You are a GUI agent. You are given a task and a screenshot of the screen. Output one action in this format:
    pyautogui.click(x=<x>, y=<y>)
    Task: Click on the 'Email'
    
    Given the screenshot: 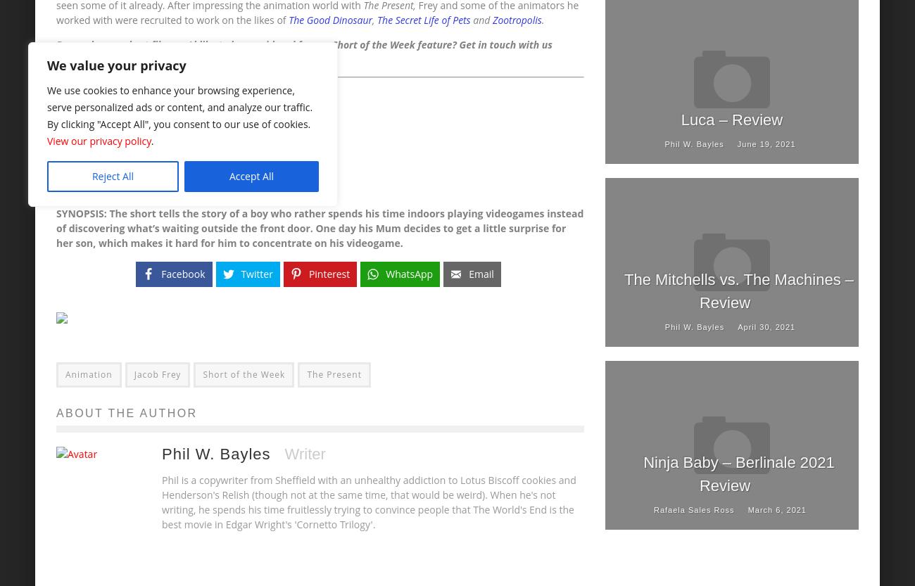 What is the action you would take?
    pyautogui.click(x=480, y=274)
    